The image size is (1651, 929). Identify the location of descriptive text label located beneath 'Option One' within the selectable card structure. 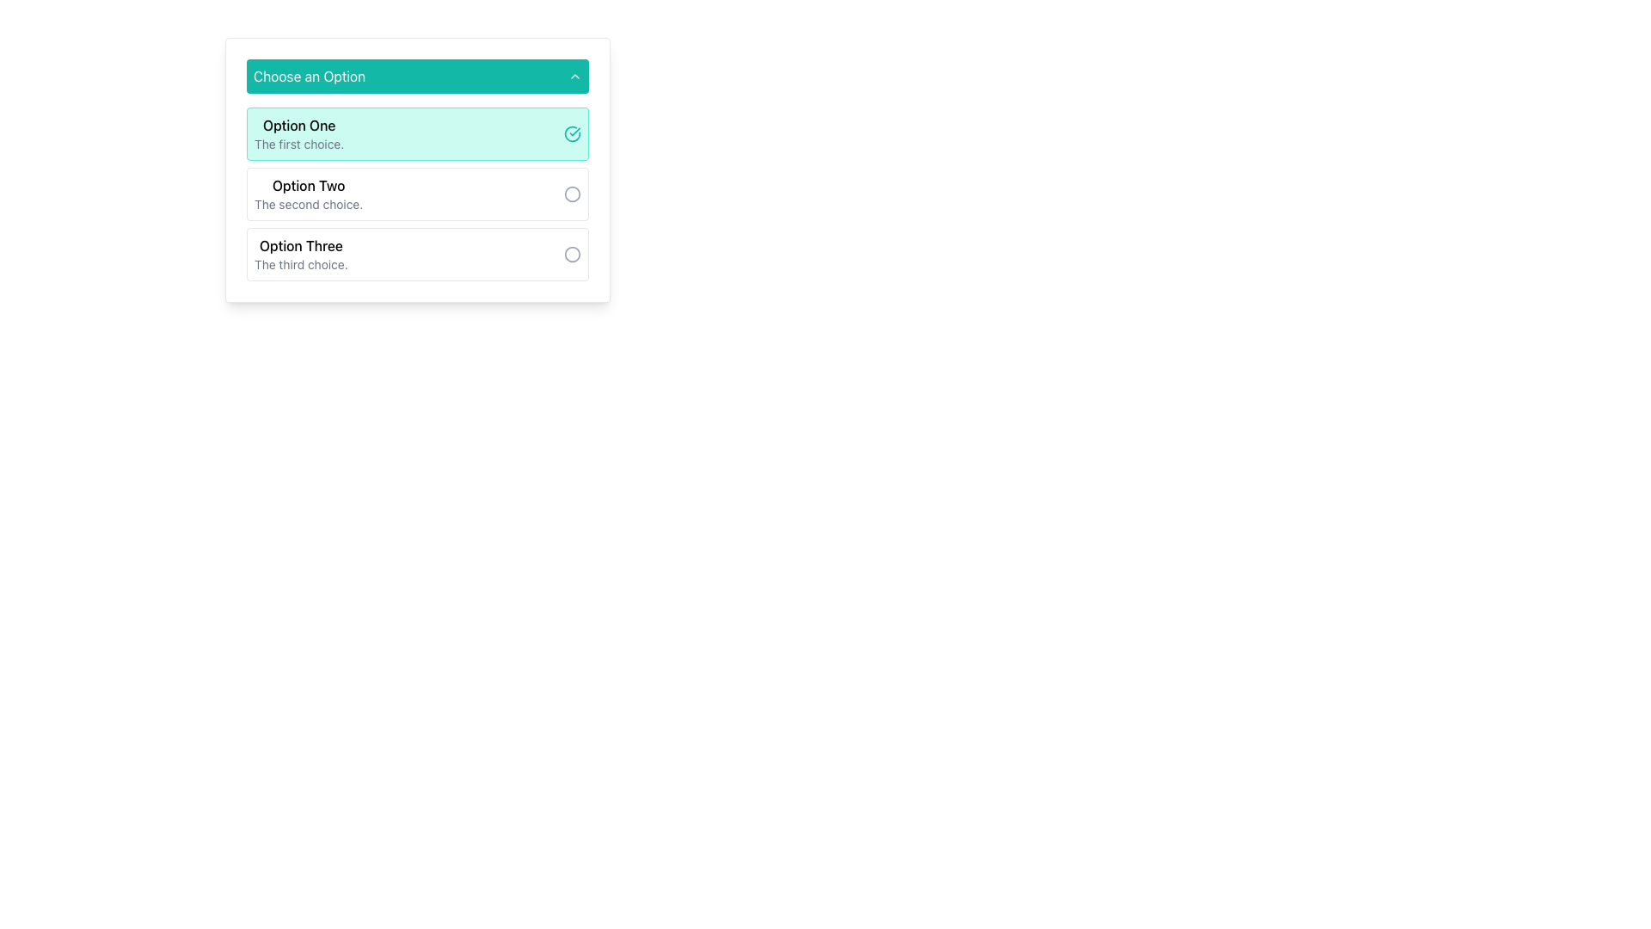
(299, 144).